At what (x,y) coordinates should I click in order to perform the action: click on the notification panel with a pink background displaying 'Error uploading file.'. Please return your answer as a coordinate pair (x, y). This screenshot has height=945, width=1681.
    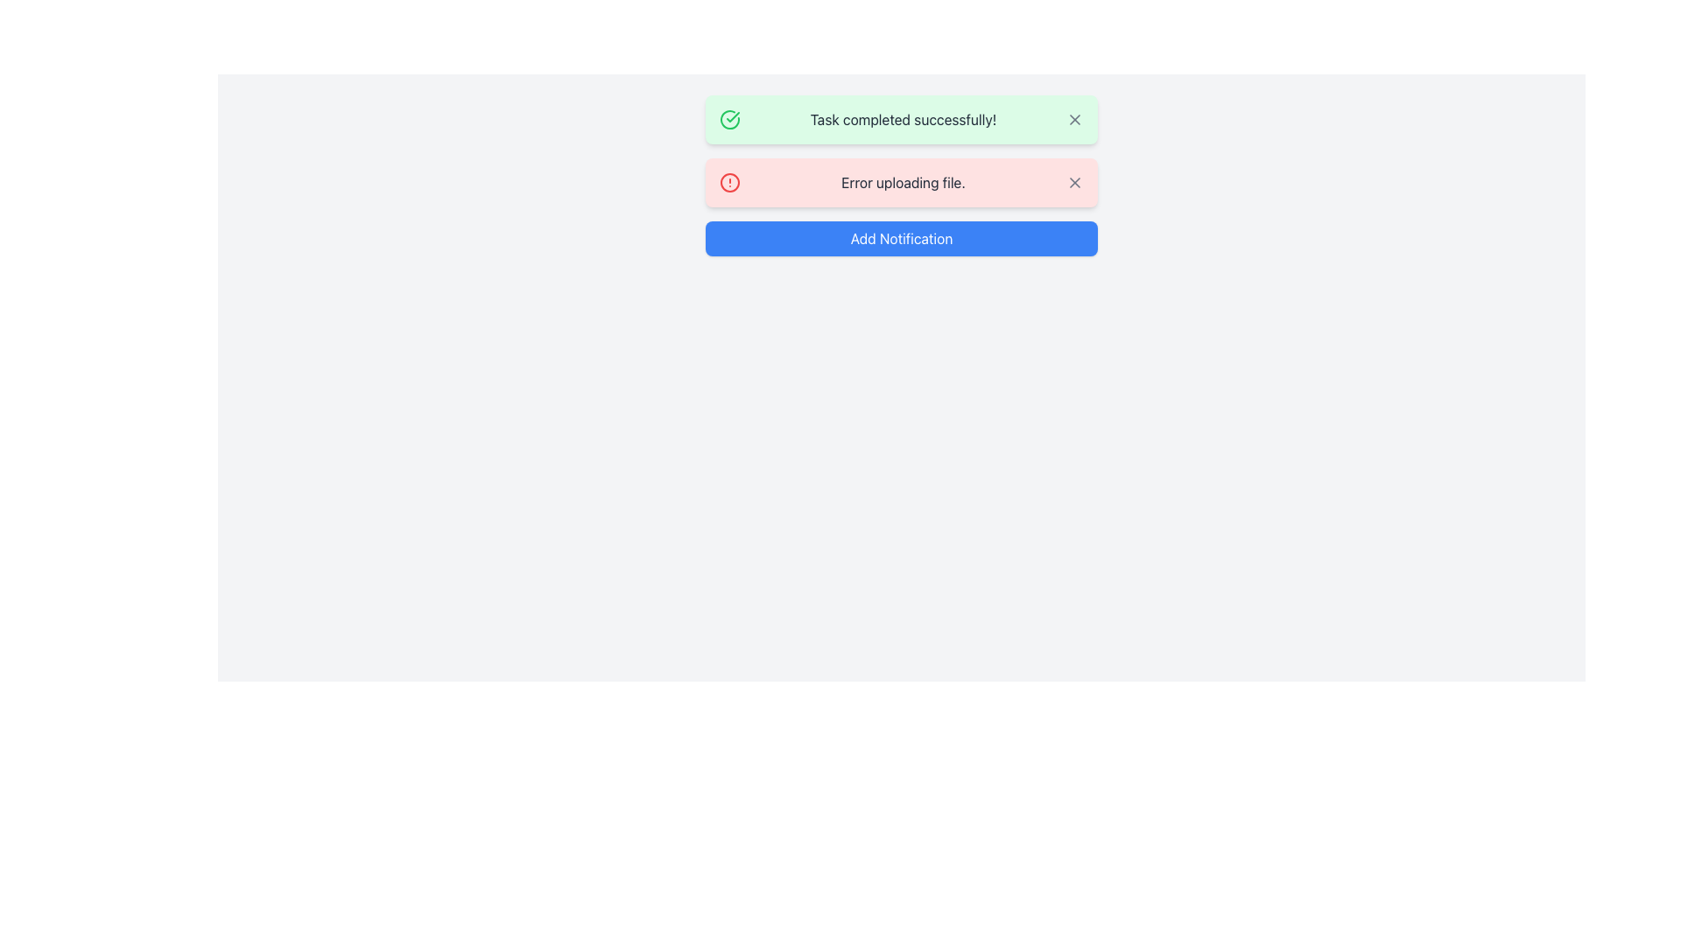
    Looking at the image, I should click on (902, 175).